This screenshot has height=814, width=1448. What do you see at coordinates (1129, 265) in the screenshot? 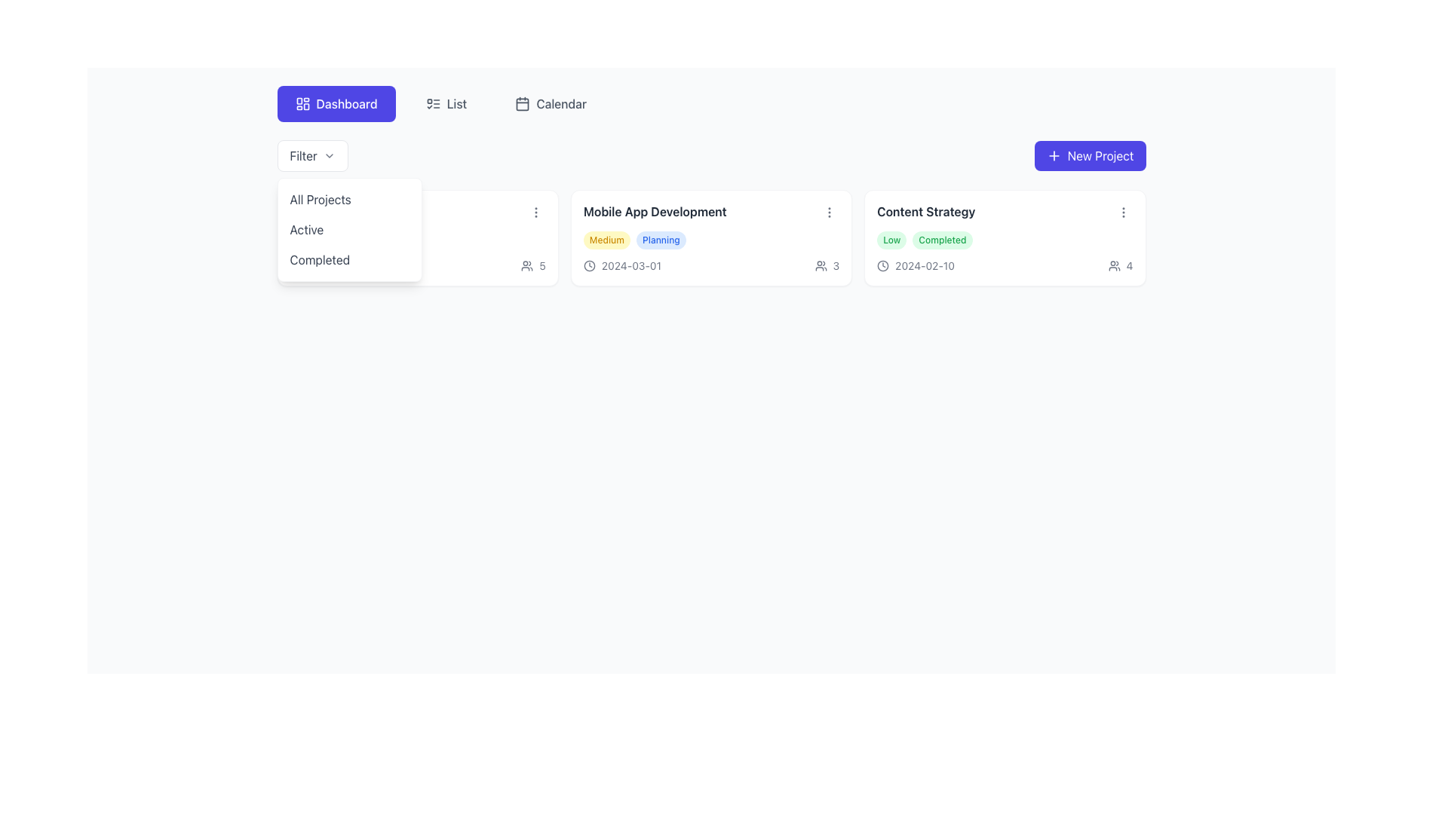
I see `the static text element displaying the number '4', which is located adjacent to the user icon in the 'Content Strategy' card` at bounding box center [1129, 265].